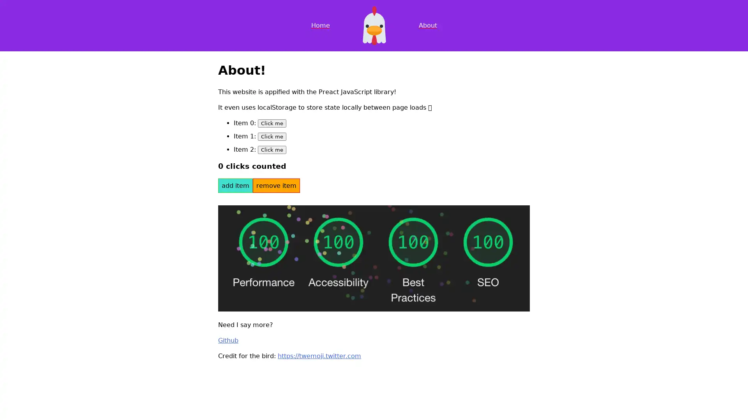  Describe the element at coordinates (272, 123) in the screenshot. I see `Click me` at that location.